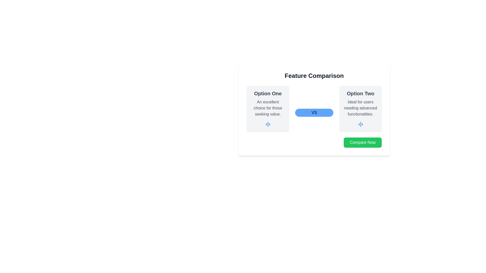  I want to click on the button located at the bottom-right part of the comparison section below 'Option Two' to initiate the comparison process, so click(362, 142).